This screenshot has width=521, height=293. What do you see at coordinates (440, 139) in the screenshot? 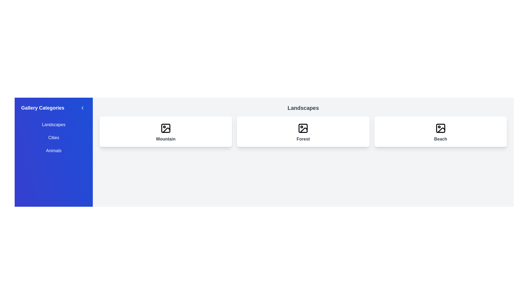
I see `the text label displaying the word 'Beach,' which is styled with a bold font and gray color, located at the bottom-central area of a card-like structure` at bounding box center [440, 139].